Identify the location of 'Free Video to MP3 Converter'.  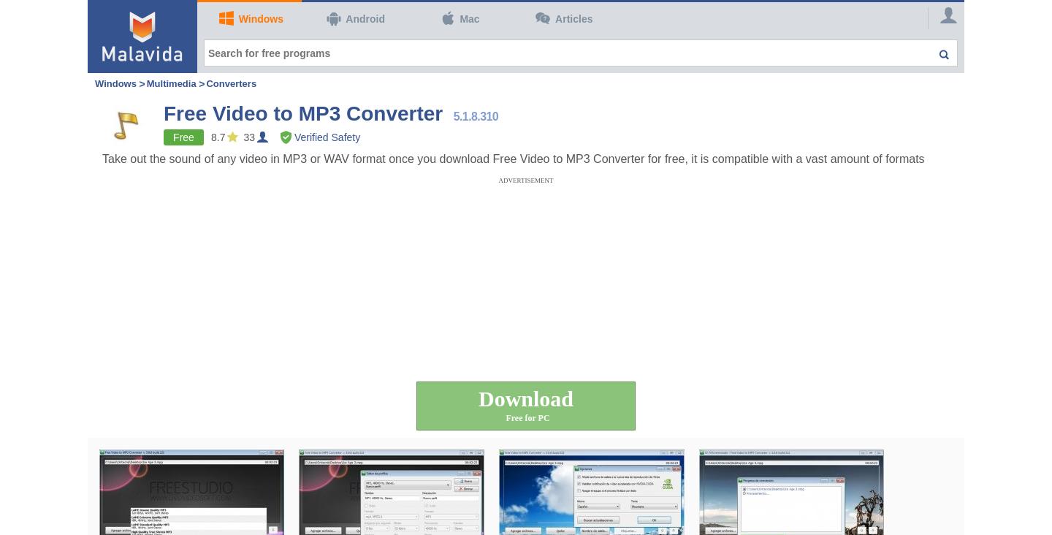
(302, 113).